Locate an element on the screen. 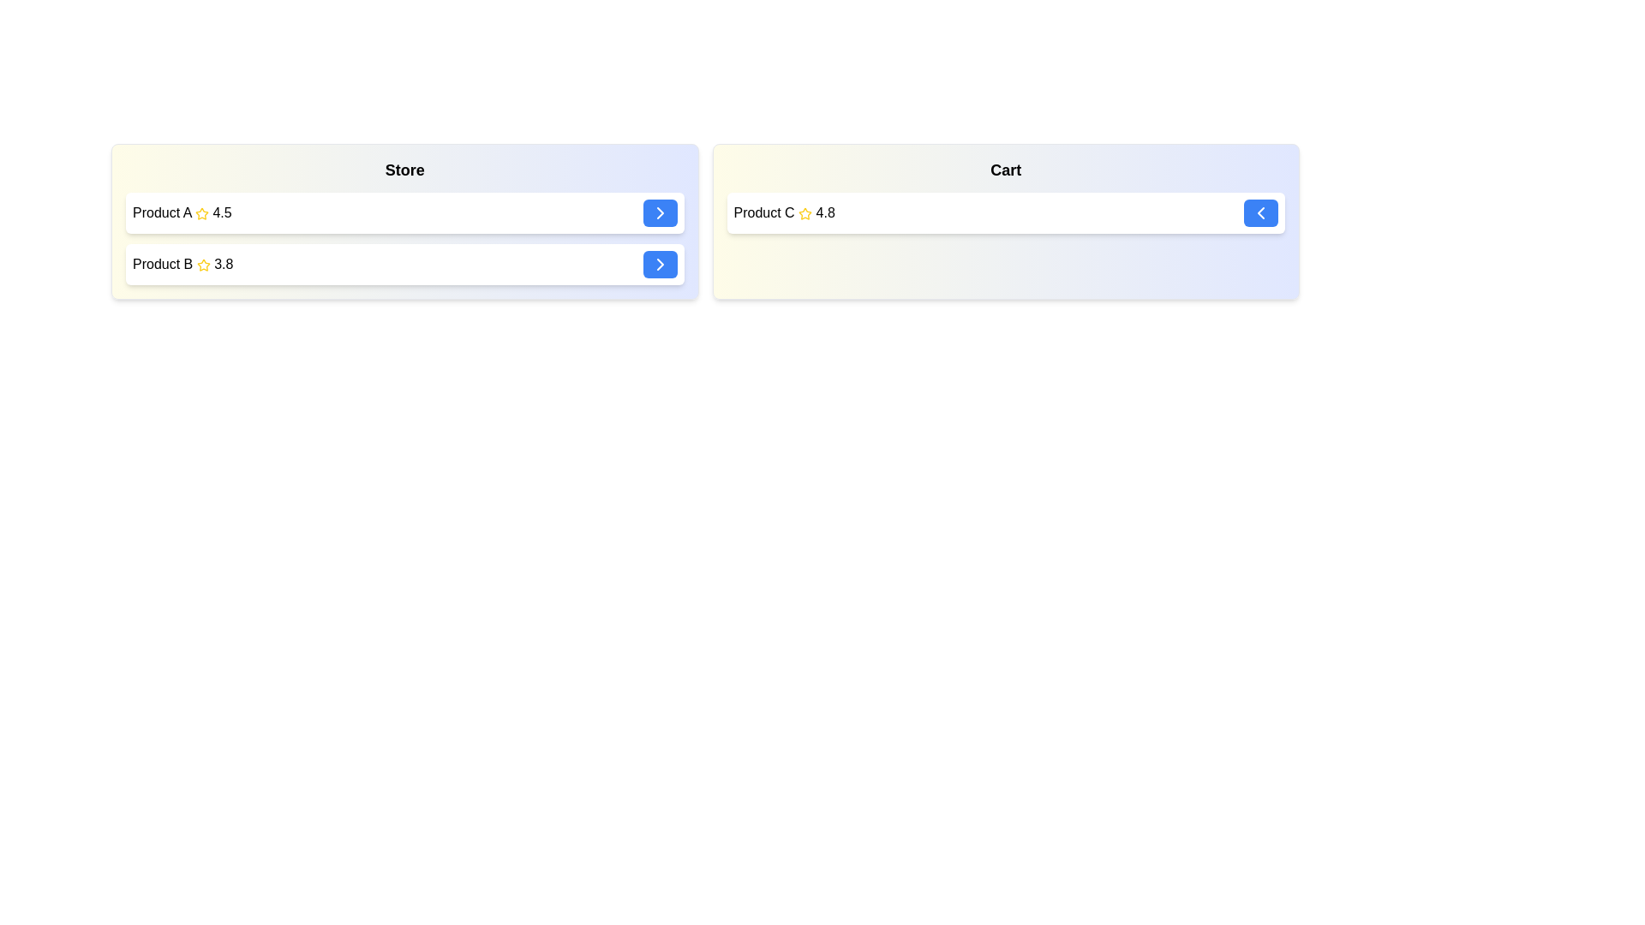  left arrow button next to 'Product C' in the 'Cart' list is located at coordinates (1261, 212).